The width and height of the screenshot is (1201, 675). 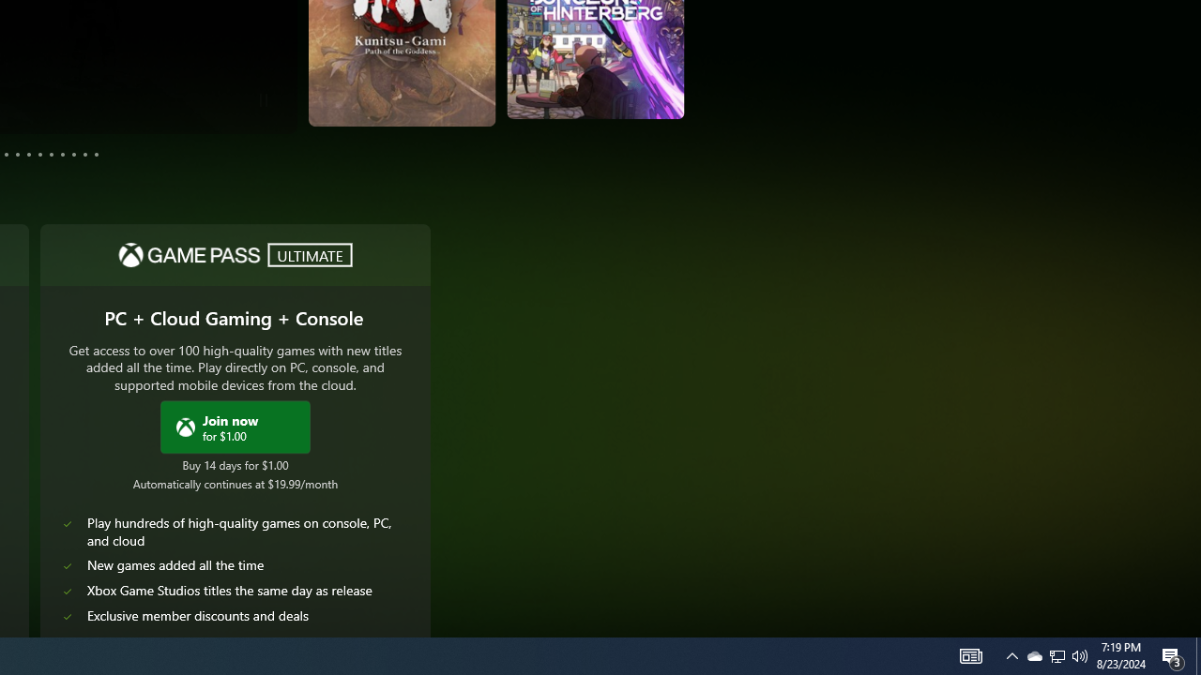 What do you see at coordinates (7, 153) in the screenshot?
I see `'Page 4'` at bounding box center [7, 153].